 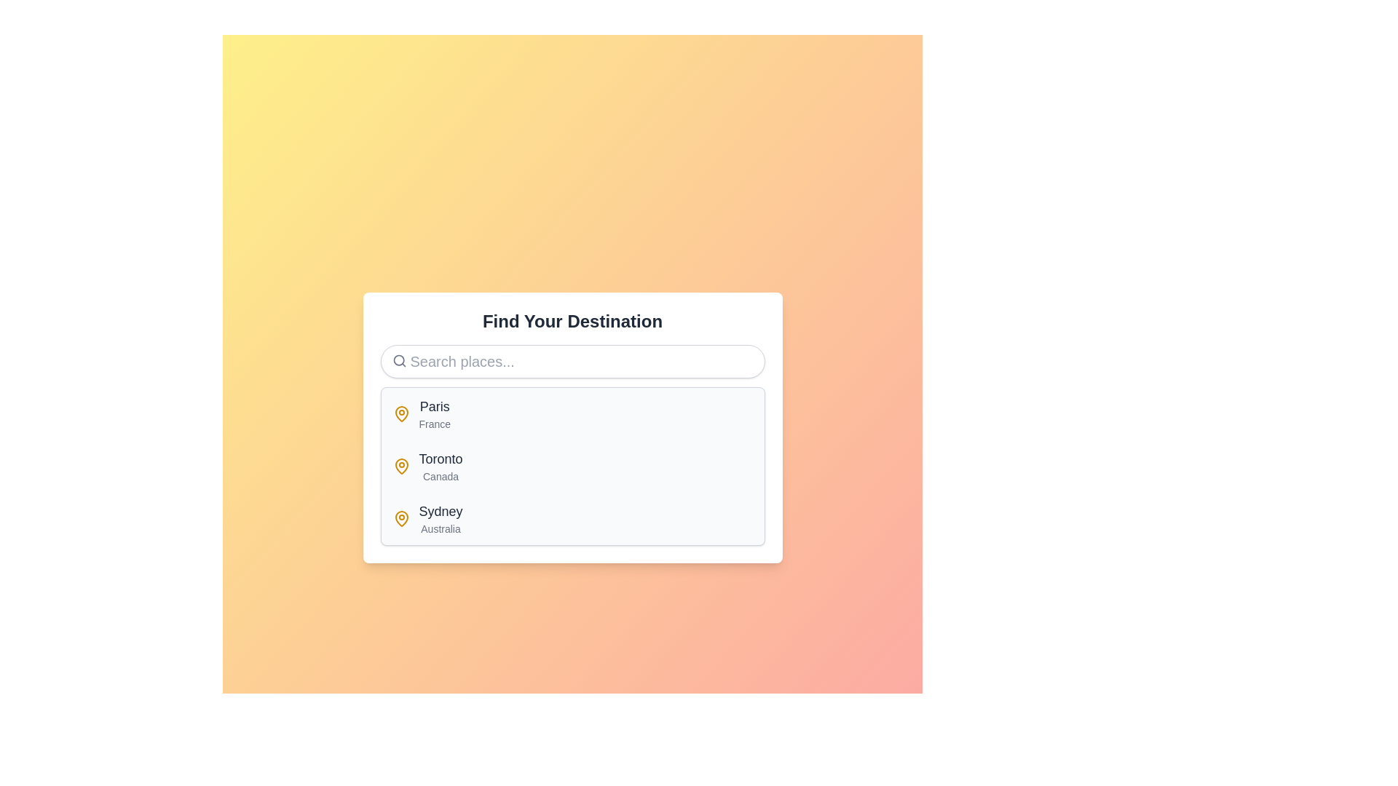 I want to click on the text label displaying 'Sydney, Australia' in the selectable list of destinations, so click(x=440, y=518).